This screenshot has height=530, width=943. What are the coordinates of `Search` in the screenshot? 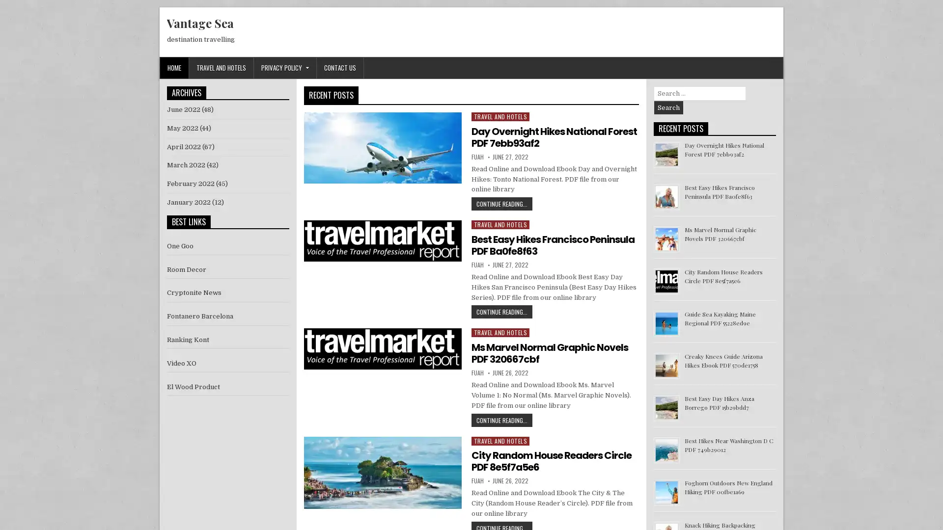 It's located at (668, 107).